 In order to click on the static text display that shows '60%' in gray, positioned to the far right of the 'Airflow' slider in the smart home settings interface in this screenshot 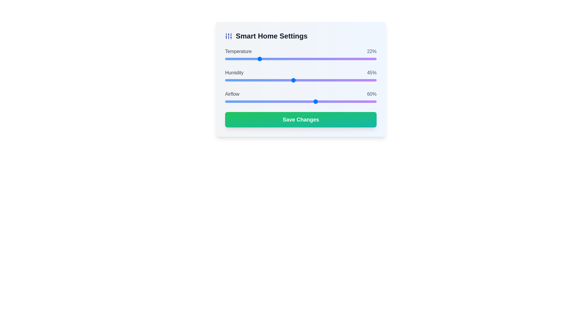, I will do `click(372, 94)`.